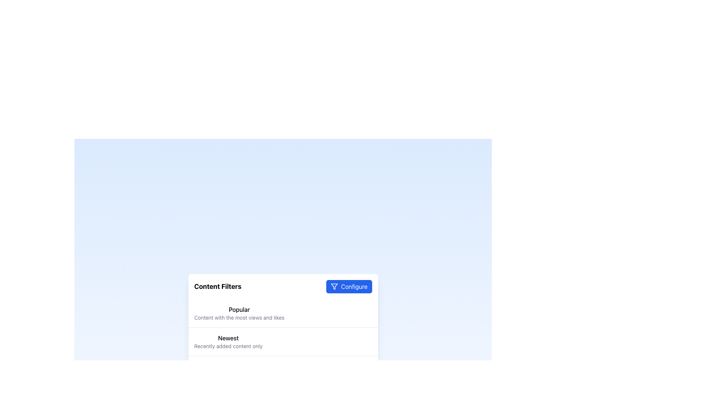  I want to click on the text label element reading 'Recently added content only' which is styled in a small gray font and located below the 'Newest' label in the content filtering options, so click(228, 346).